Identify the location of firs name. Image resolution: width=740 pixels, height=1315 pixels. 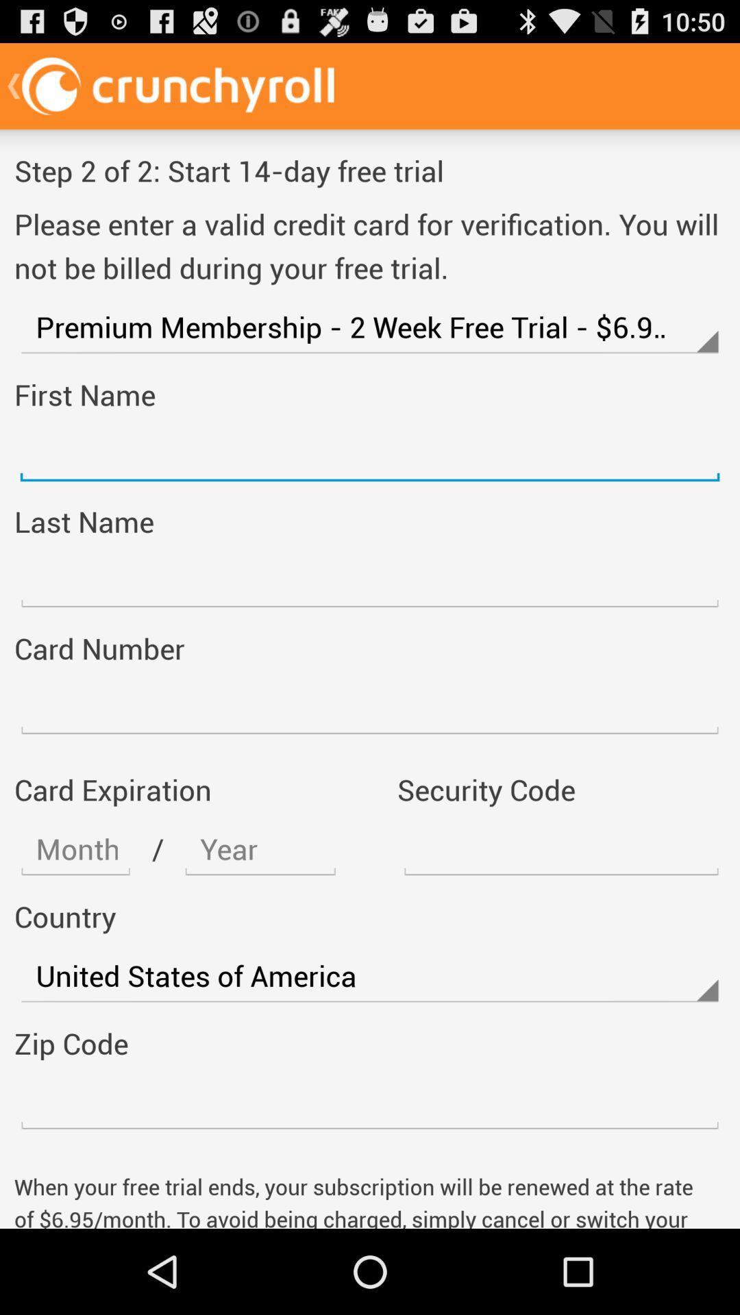
(370, 454).